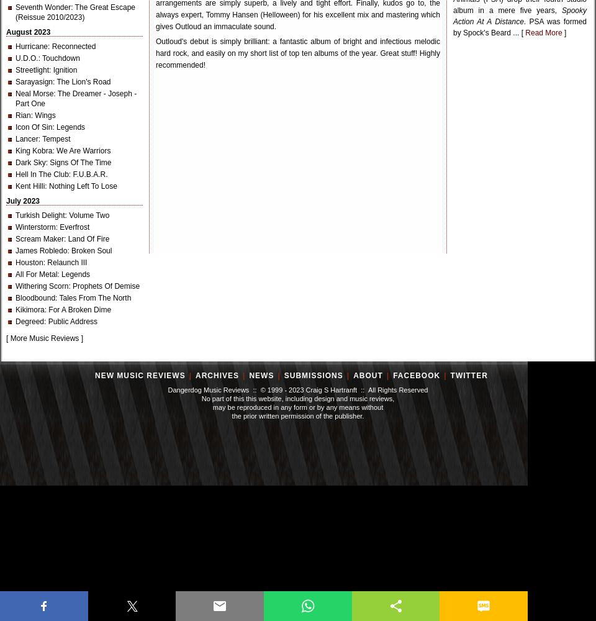  What do you see at coordinates (29, 322) in the screenshot?
I see `'Degreed'` at bounding box center [29, 322].